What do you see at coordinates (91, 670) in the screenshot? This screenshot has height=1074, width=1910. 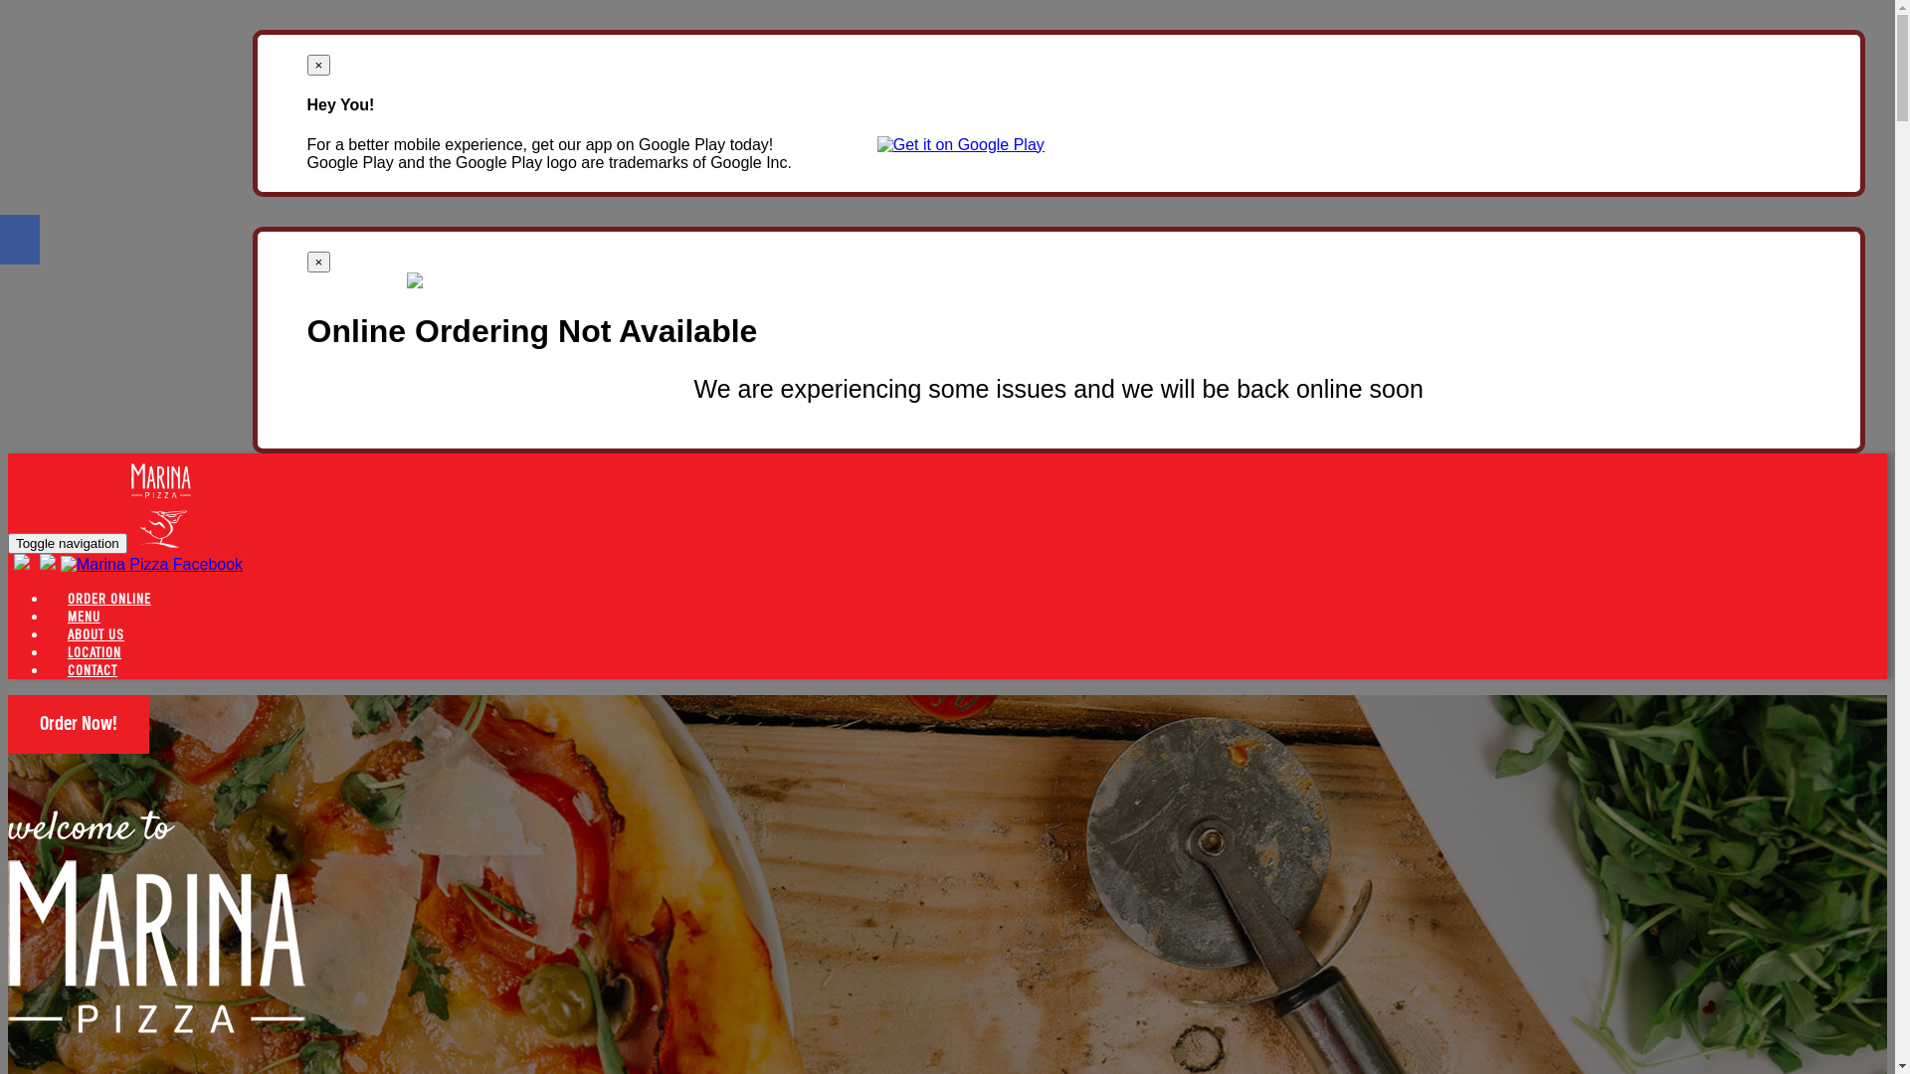 I see `'CONTACT'` at bounding box center [91, 670].